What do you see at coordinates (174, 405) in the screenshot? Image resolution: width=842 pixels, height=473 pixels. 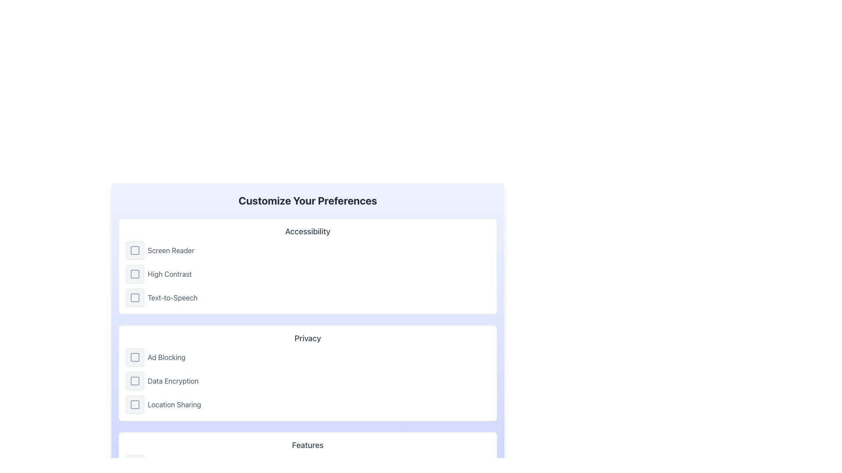 I see `the 'Location Sharing' text label, which is the third item in the 'Privacy' list and positioned at the bottom, immediately following 'Data Encryption'` at bounding box center [174, 405].